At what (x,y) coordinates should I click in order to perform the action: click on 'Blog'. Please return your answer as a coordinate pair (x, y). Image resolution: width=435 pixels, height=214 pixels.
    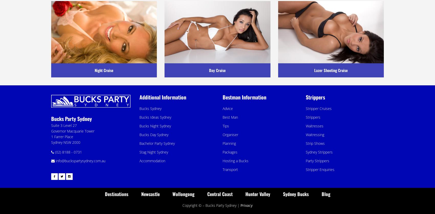
    Looking at the image, I should click on (325, 193).